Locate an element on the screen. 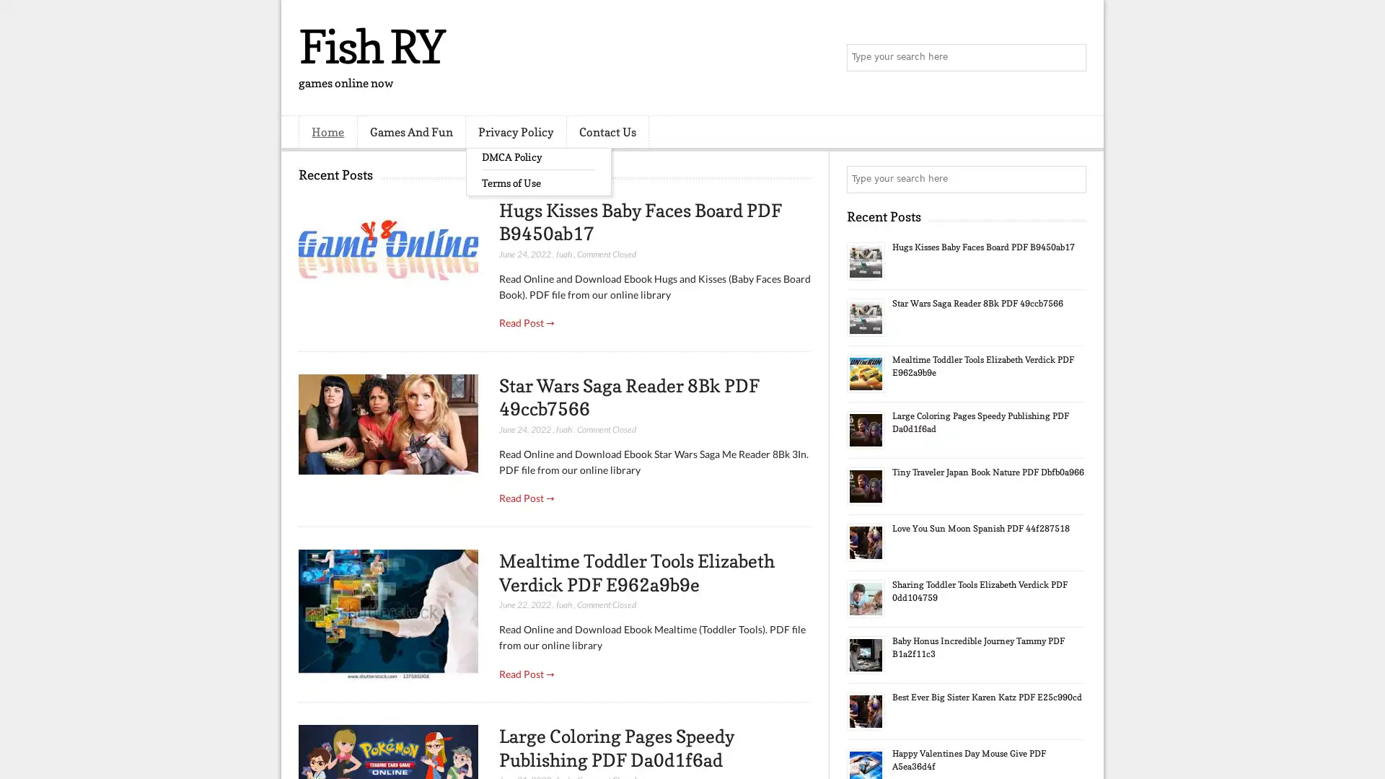  Search is located at coordinates (1071, 179).